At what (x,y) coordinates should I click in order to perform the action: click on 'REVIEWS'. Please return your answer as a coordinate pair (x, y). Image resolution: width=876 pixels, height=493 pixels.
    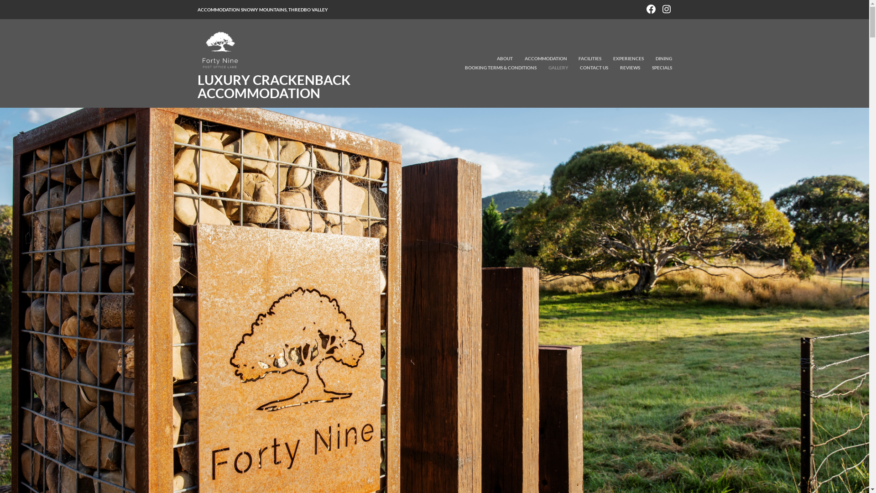
    Looking at the image, I should click on (624, 68).